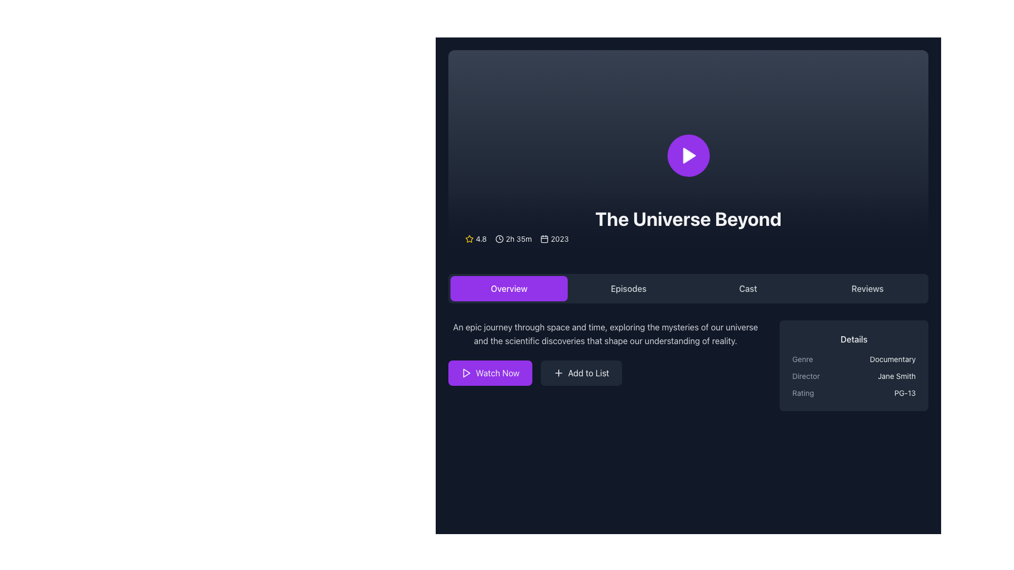  I want to click on the static text label displaying 'Genre', which is part of the 'Details' section and aligned to the left of the text 'Documentary', so click(802, 359).